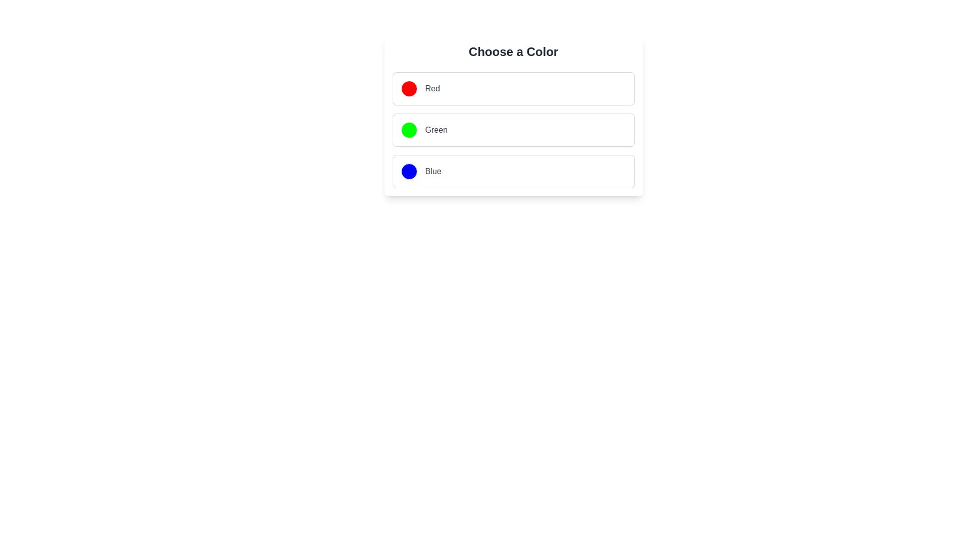 The width and height of the screenshot is (969, 545). What do you see at coordinates (433, 171) in the screenshot?
I see `the 'Blue' Text Label, which is part of a color selection interface and located to the right of a blue circular indicator` at bounding box center [433, 171].